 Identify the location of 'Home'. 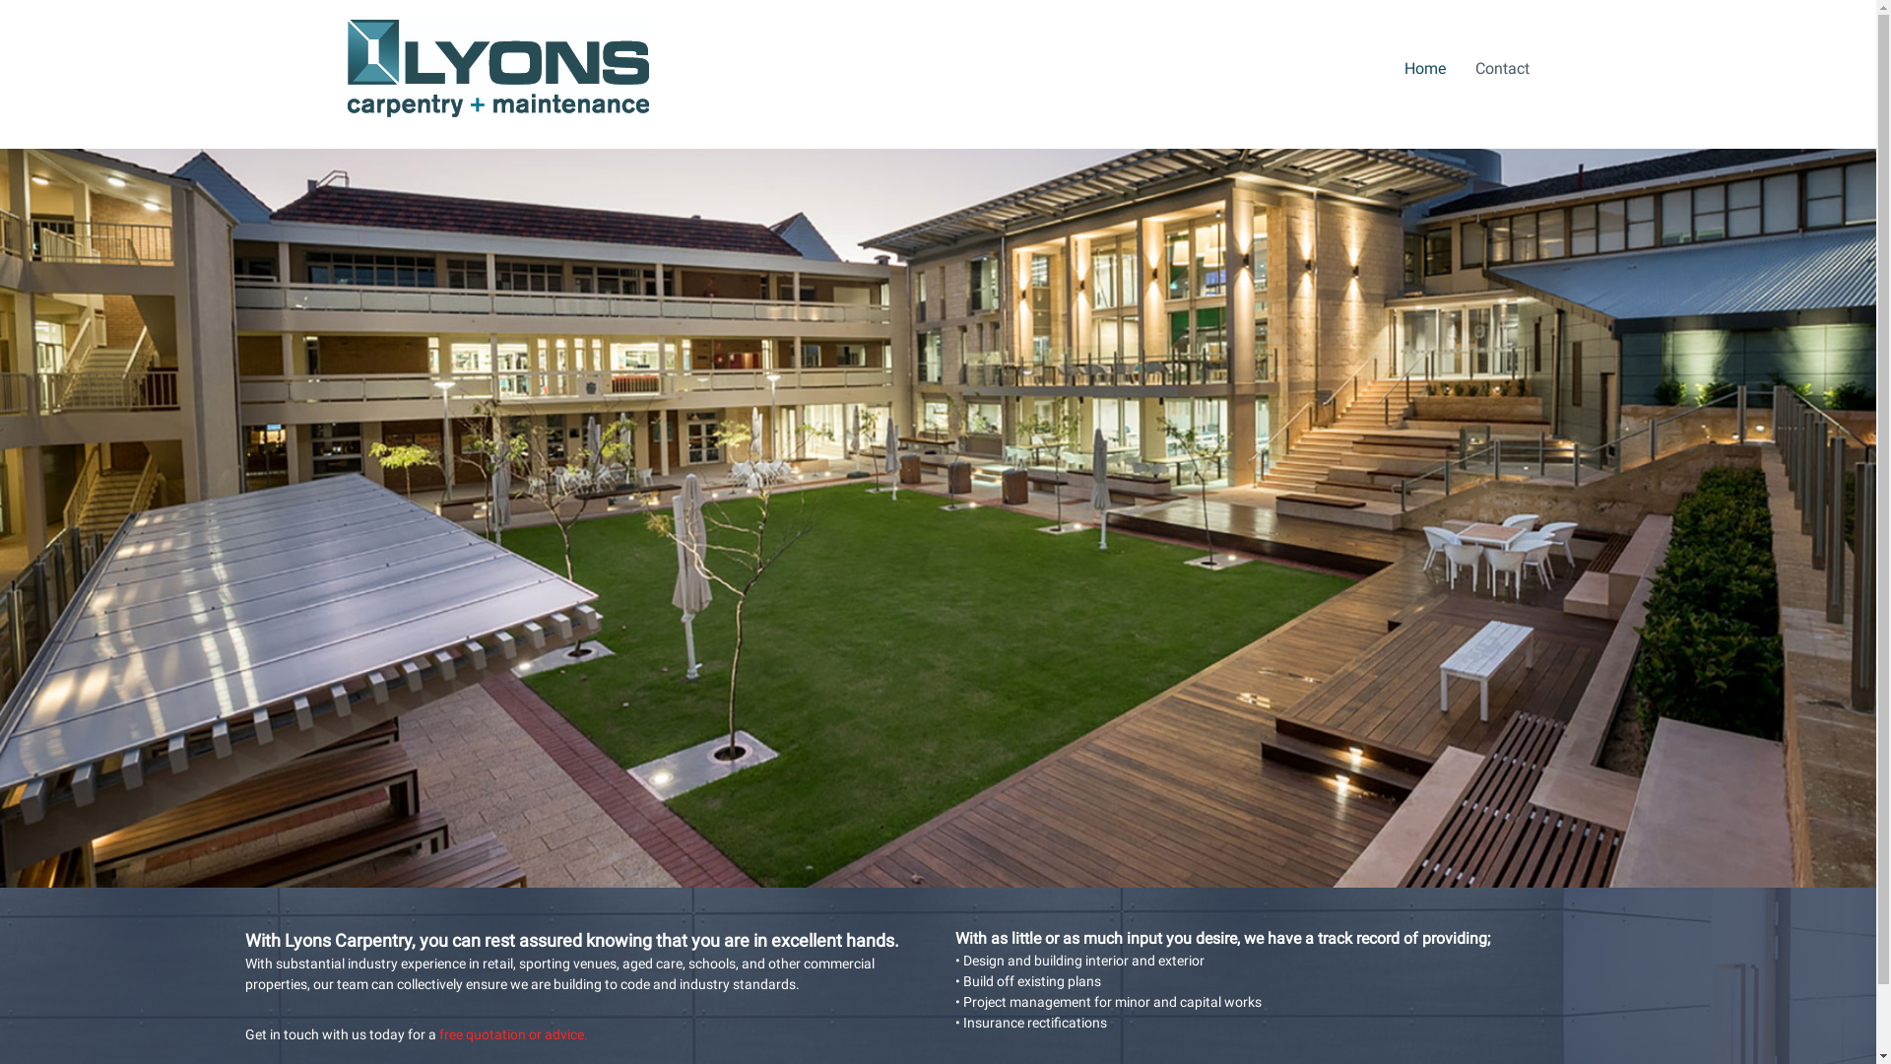
(1402, 67).